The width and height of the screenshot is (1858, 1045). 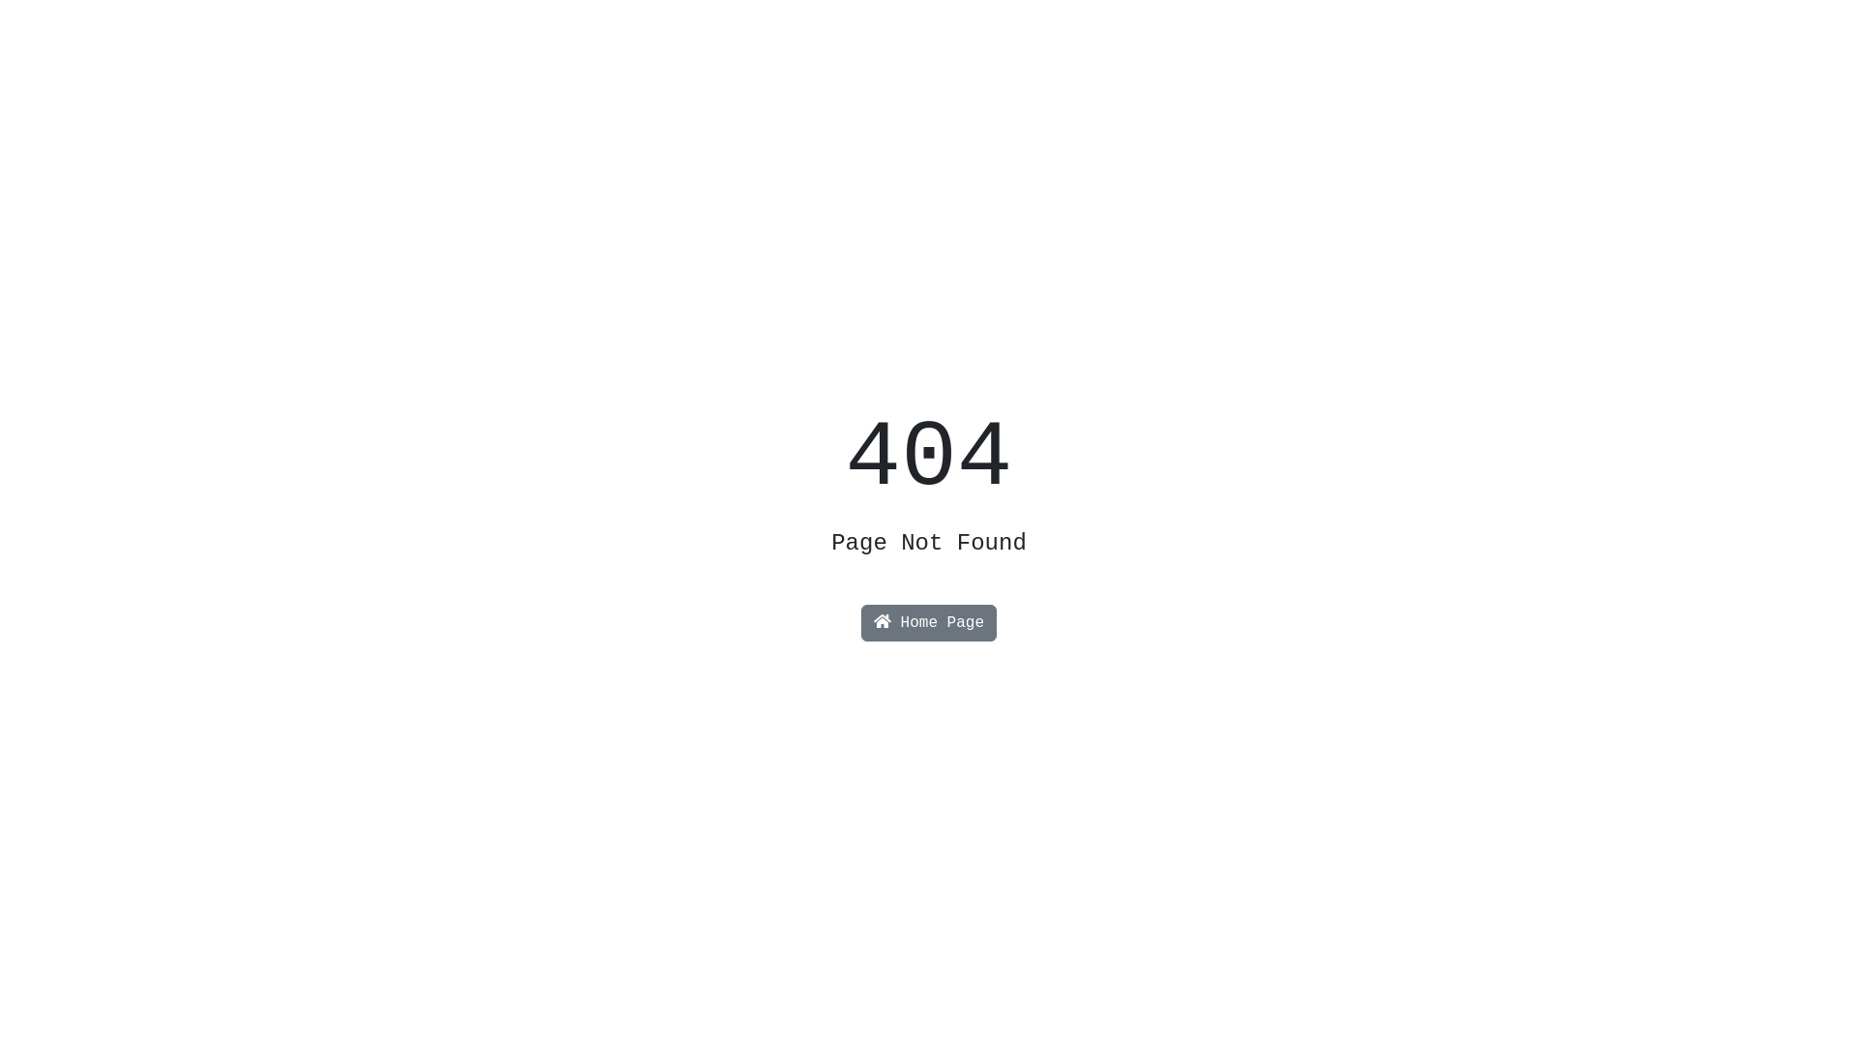 I want to click on 'Home Page', so click(x=859, y=623).